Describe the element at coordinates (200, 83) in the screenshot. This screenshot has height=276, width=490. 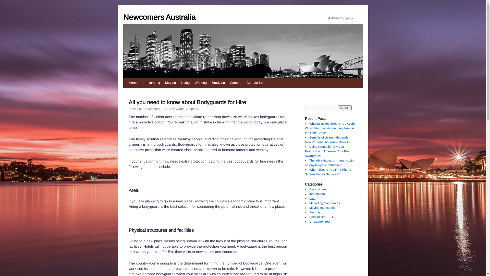
I see `'Working'` at that location.